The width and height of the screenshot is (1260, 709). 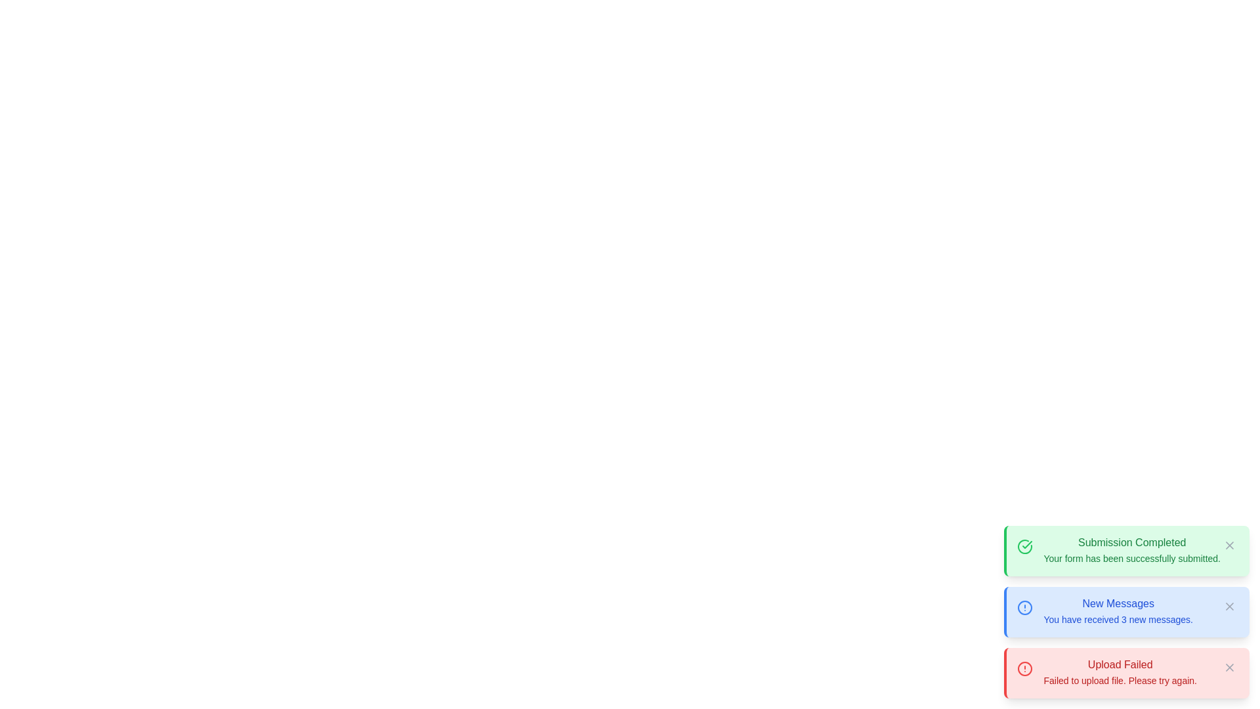 I want to click on the small, circular close button with an 'X' icon on the right side of the 'Upload Failed' notification message bar, so click(x=1228, y=668).